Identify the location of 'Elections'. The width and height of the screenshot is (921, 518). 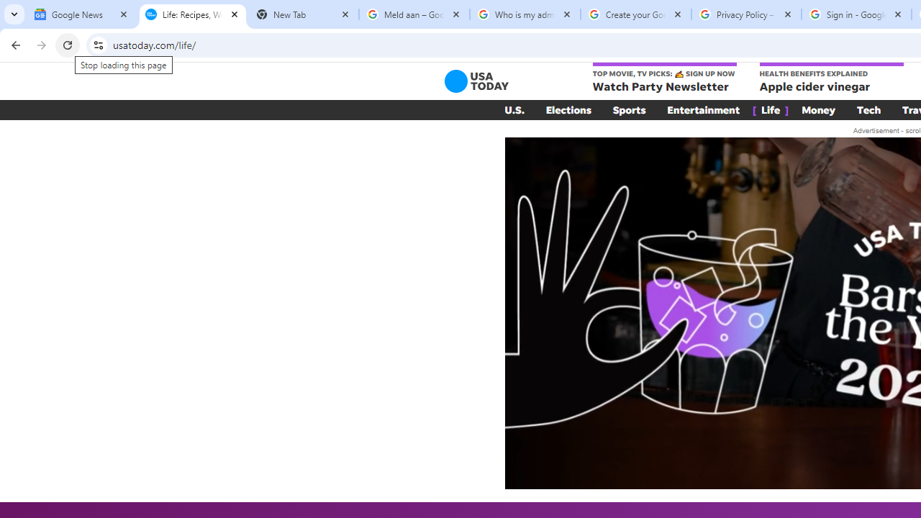
(567, 109).